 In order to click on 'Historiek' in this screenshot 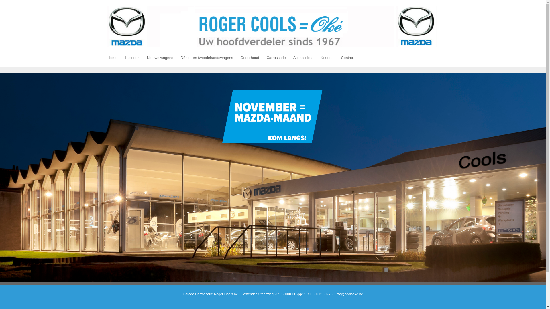, I will do `click(132, 58)`.